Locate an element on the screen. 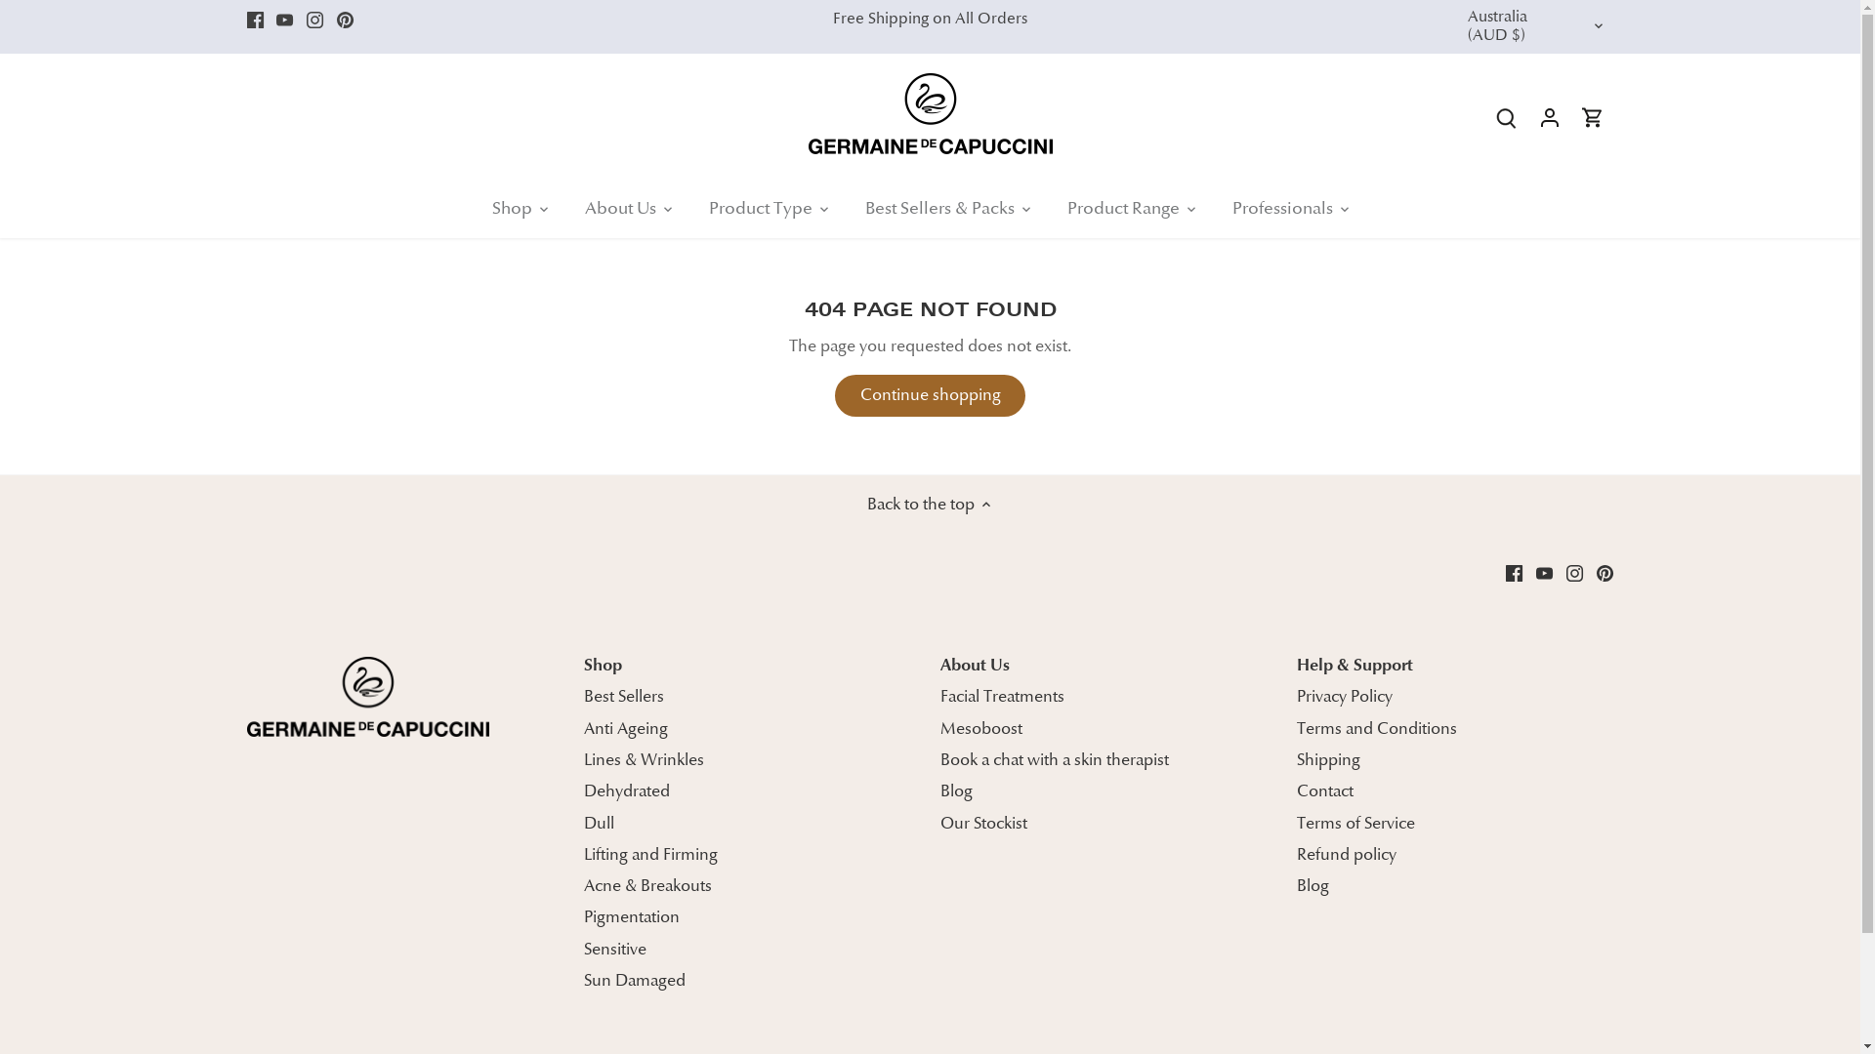 The image size is (1875, 1054). 'Help & Support' is located at coordinates (1354, 665).